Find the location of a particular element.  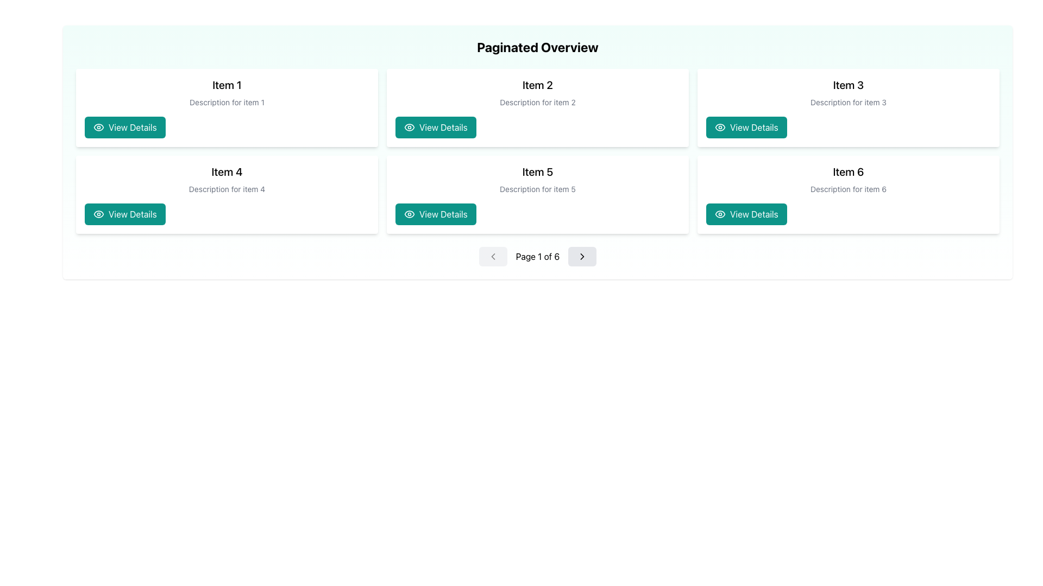

the decorative icon within the 'View Details' button for Item 6, which is positioned to the left side of the button is located at coordinates (720, 214).